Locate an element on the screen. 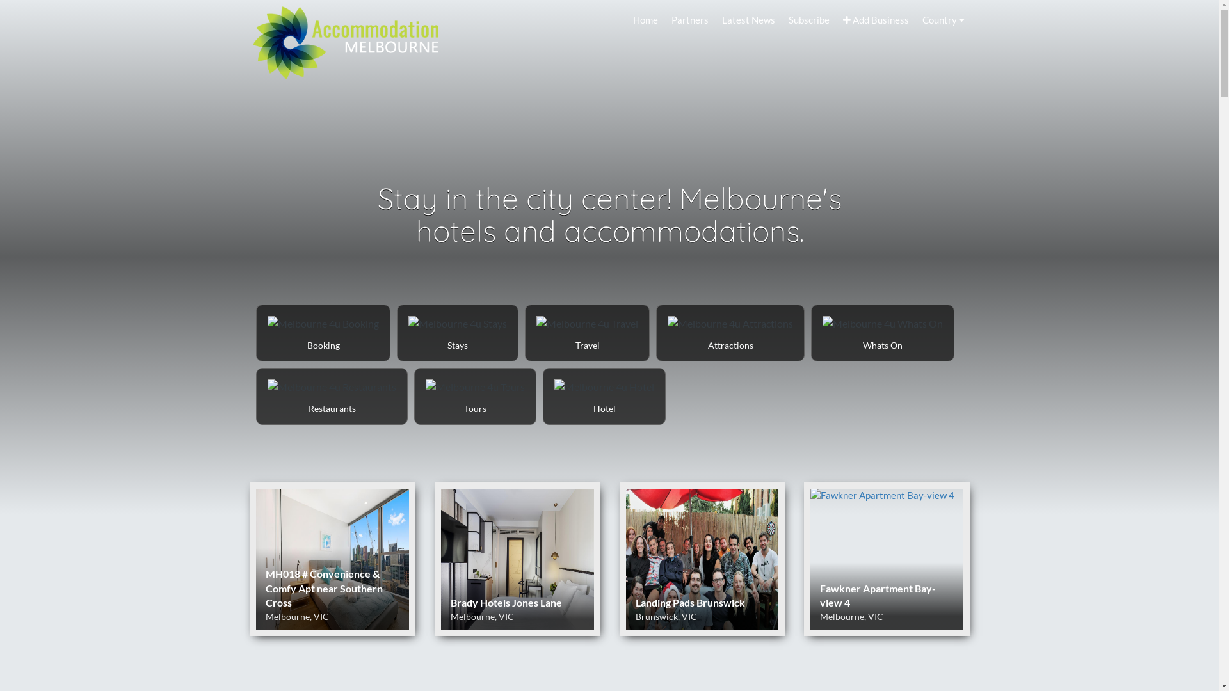 The height and width of the screenshot is (691, 1229). 'Melbourne 4u Home Page' is located at coordinates (345, 39).